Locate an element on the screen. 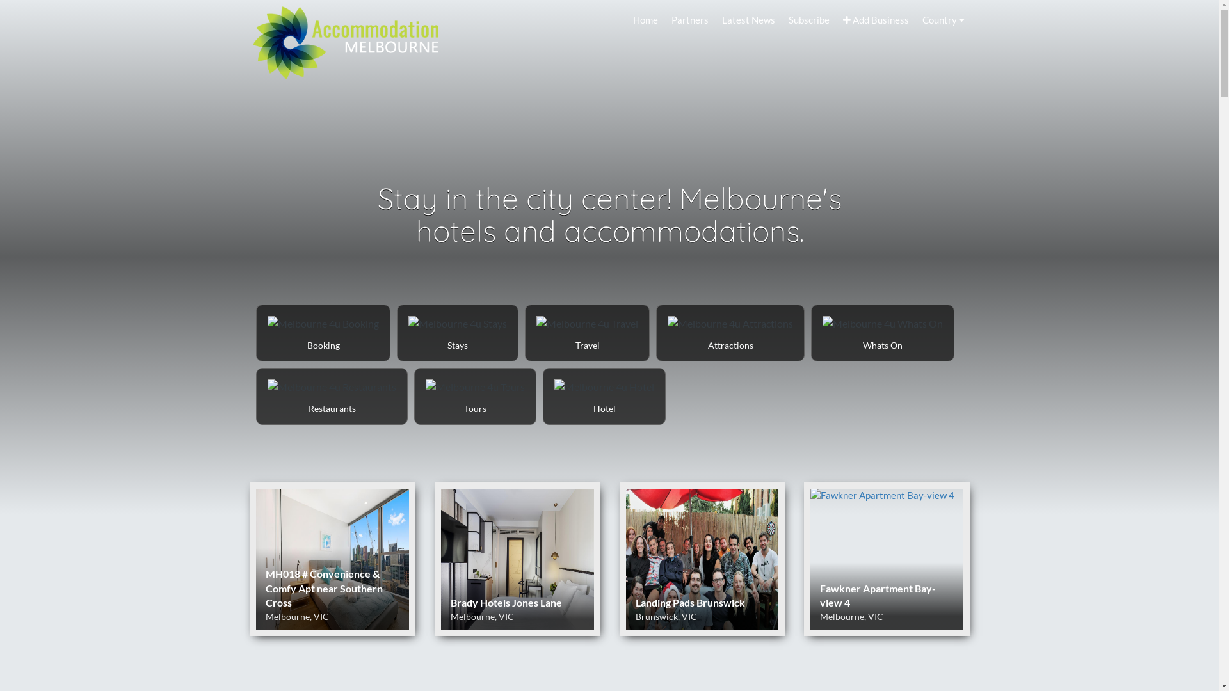 The height and width of the screenshot is (691, 1229). 'Melbourne 4u Home Page' is located at coordinates (345, 39).